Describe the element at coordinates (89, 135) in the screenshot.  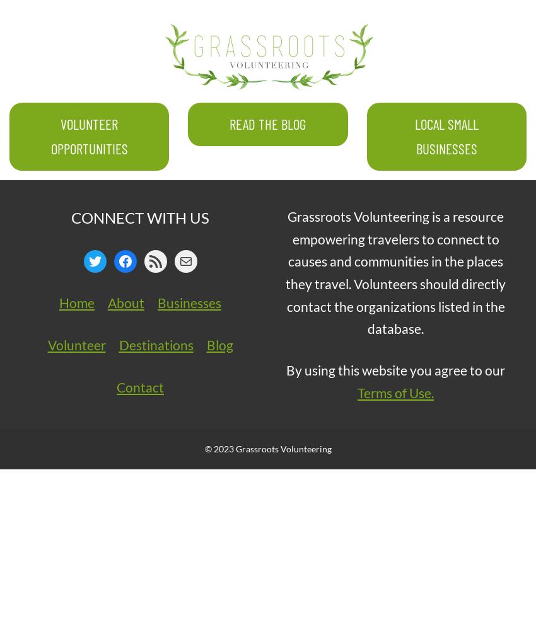
I see `'Volunteer Opportunities'` at that location.